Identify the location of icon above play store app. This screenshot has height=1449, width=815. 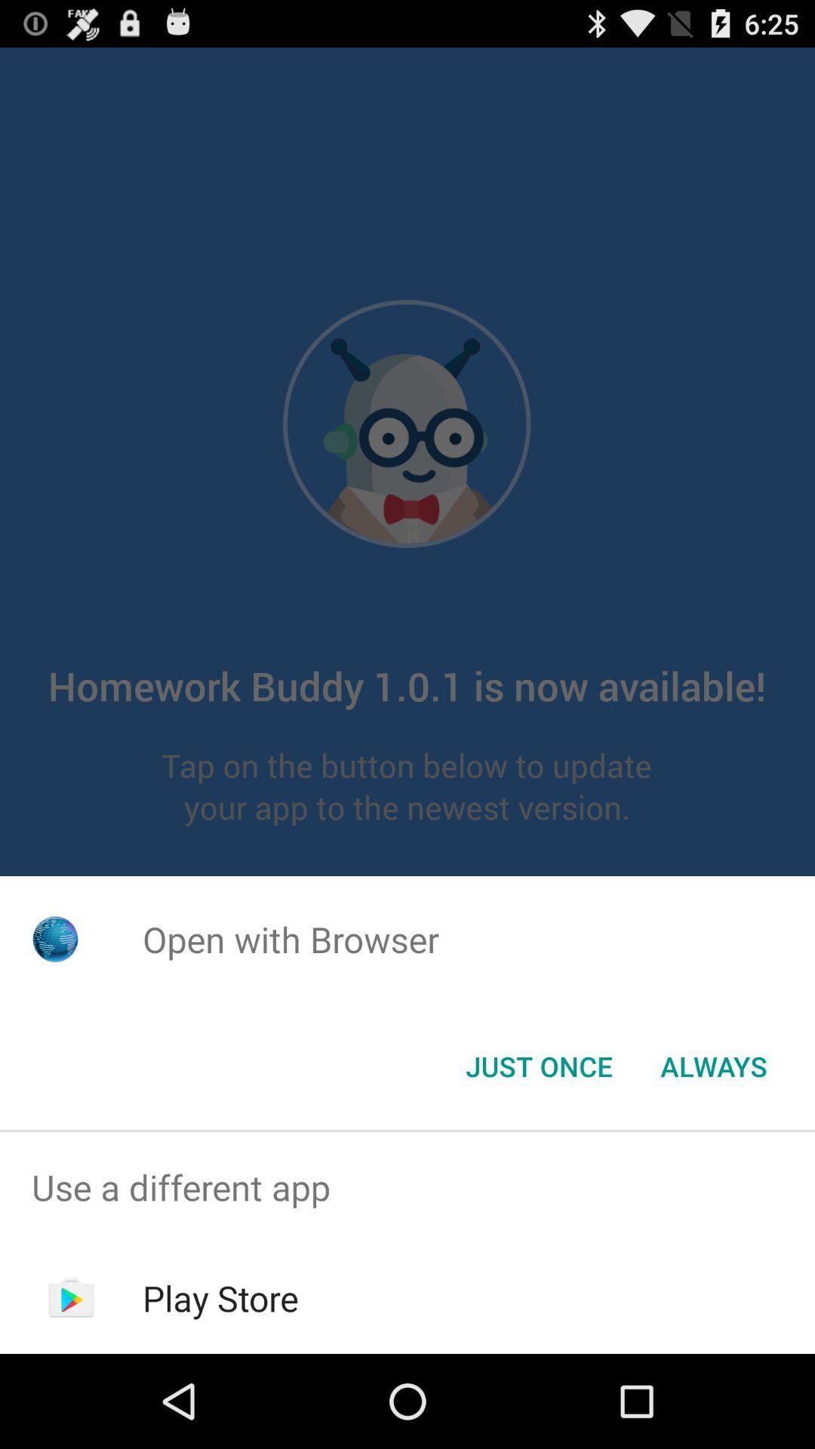
(407, 1186).